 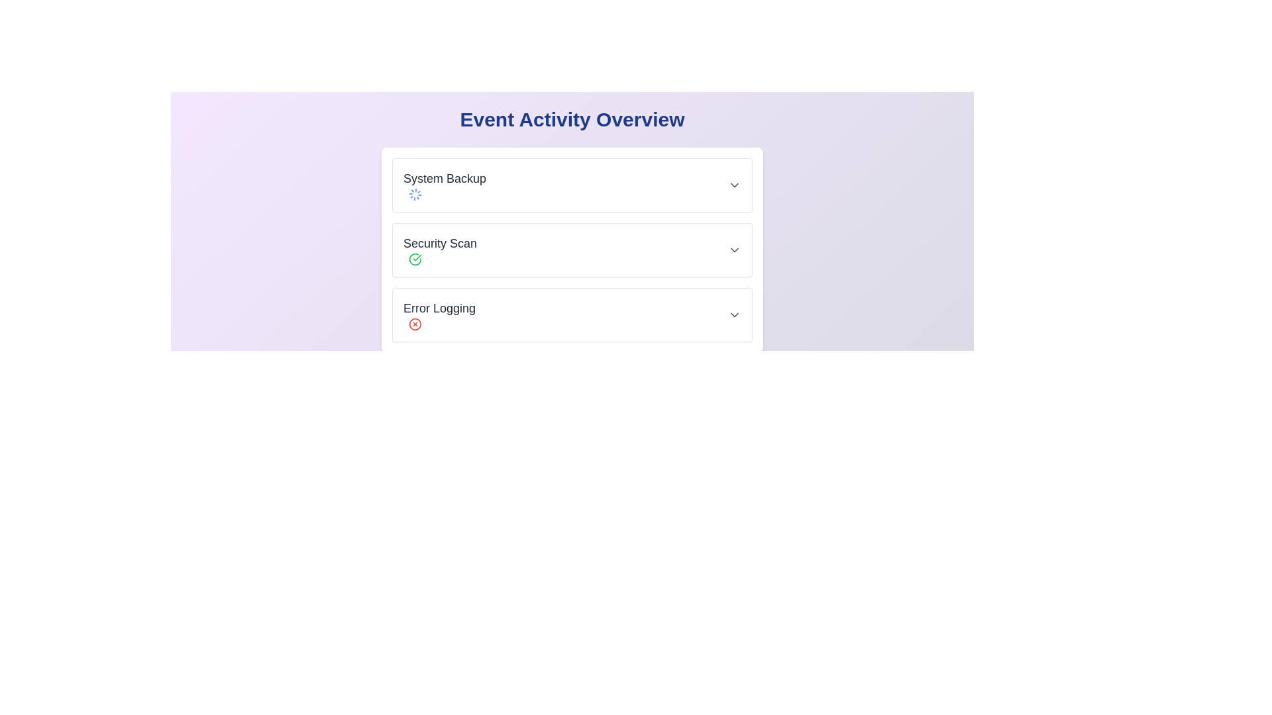 What do you see at coordinates (572, 185) in the screenshot?
I see `the 'System Backup' title and status indicator with dropdown action` at bounding box center [572, 185].